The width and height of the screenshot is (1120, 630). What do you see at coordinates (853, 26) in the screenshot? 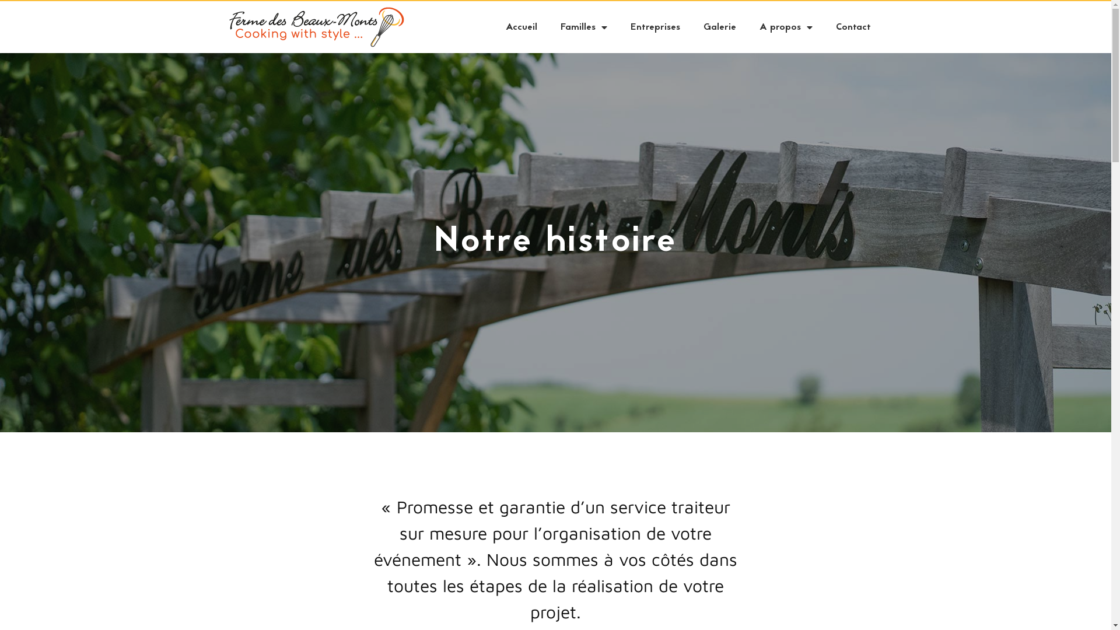
I see `'Contact'` at bounding box center [853, 26].